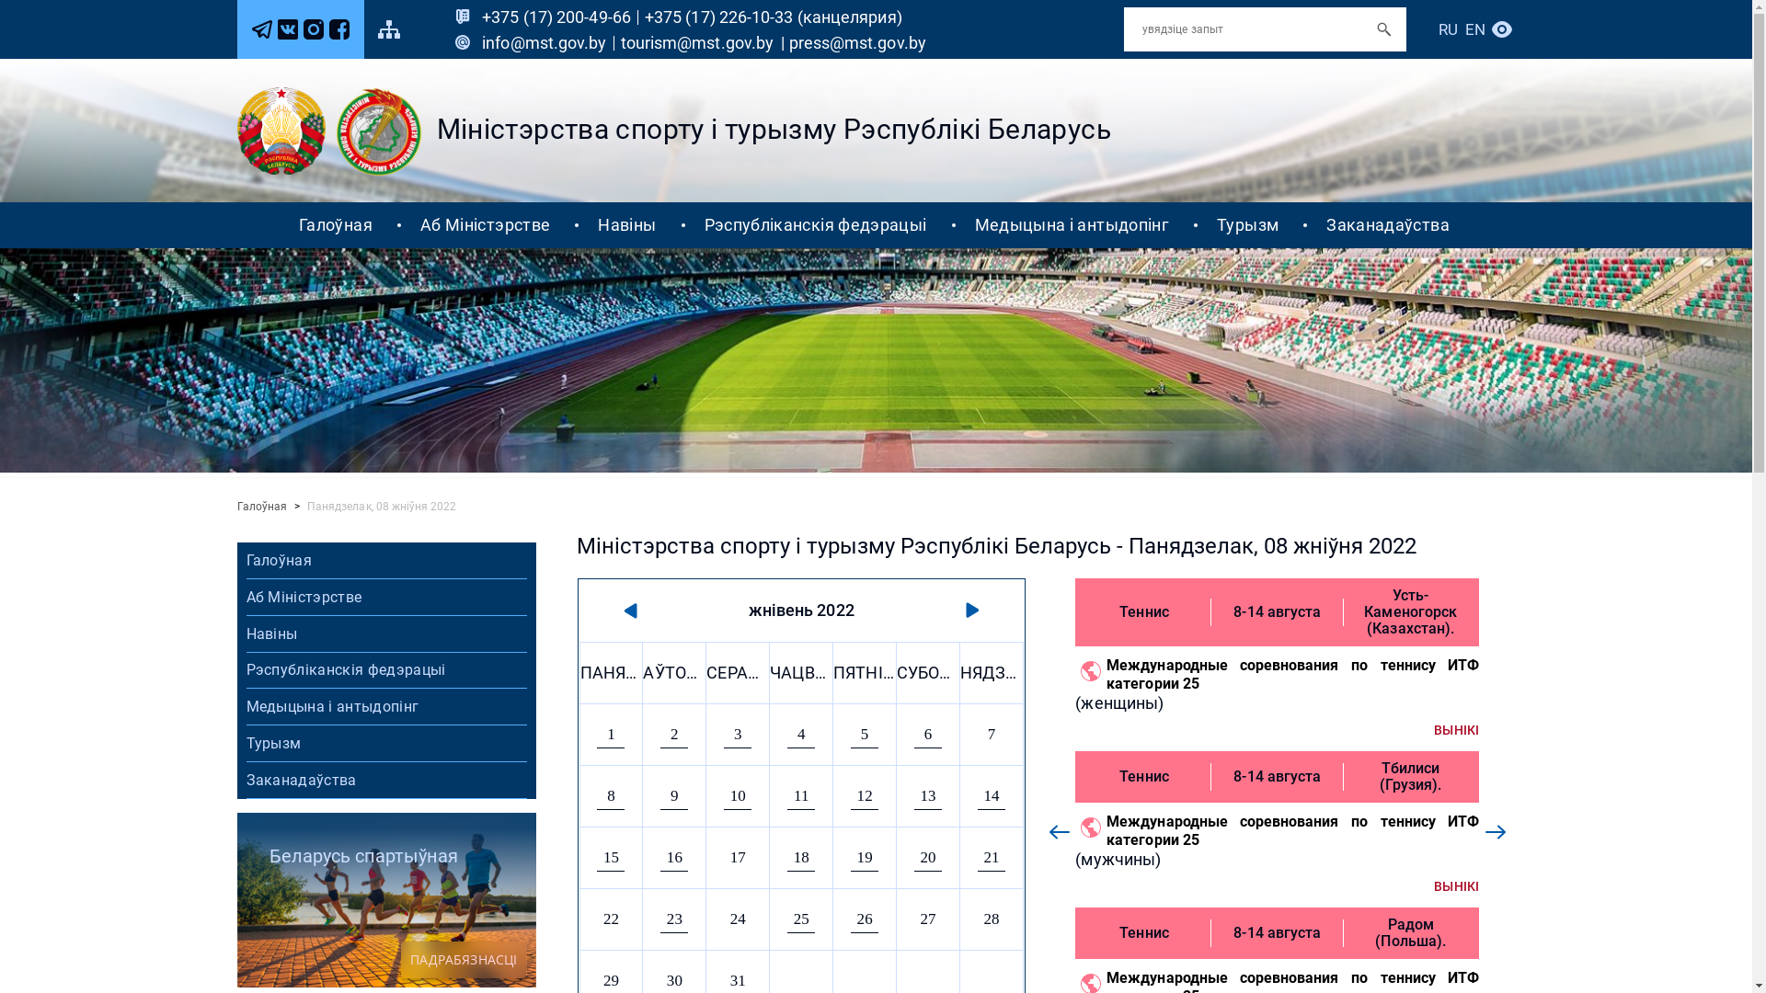  What do you see at coordinates (673, 795) in the screenshot?
I see `'9'` at bounding box center [673, 795].